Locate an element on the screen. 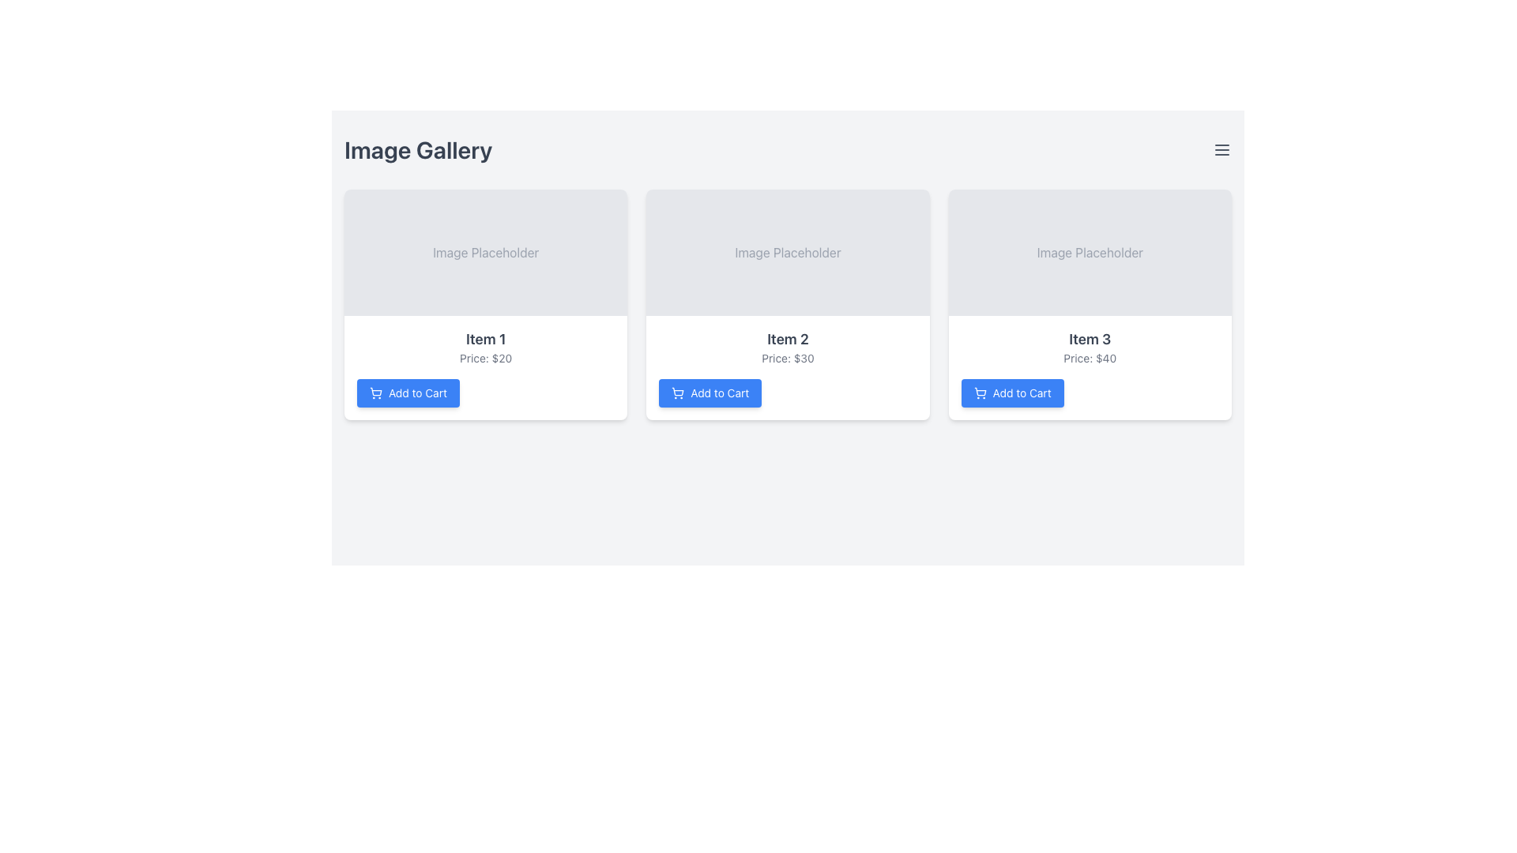 The image size is (1517, 853). the 'Add Item 3 to Cart' button located below the price text of the 'Item 3' card, which is the third button from the left in a row of similar buttons is located at coordinates (1012, 392).